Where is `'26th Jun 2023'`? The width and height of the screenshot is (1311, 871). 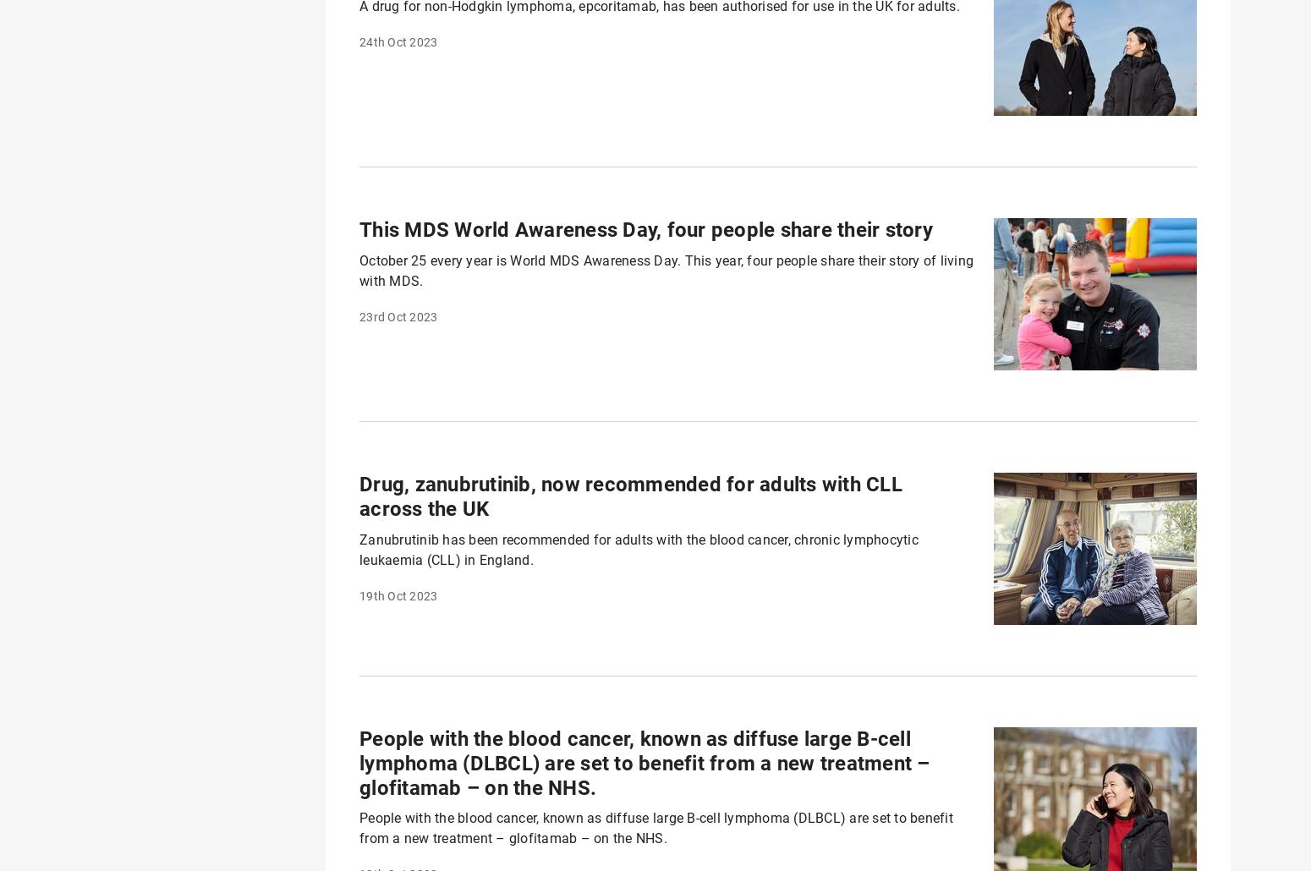
'26th Jun 2023' is located at coordinates (398, 214).